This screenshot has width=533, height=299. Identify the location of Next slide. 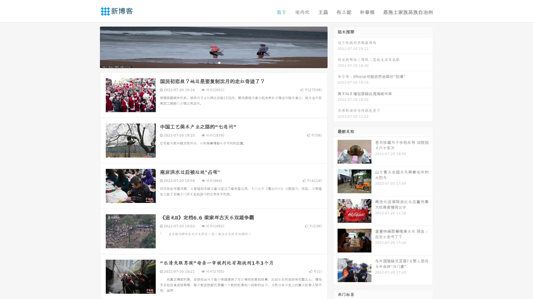
(335, 47).